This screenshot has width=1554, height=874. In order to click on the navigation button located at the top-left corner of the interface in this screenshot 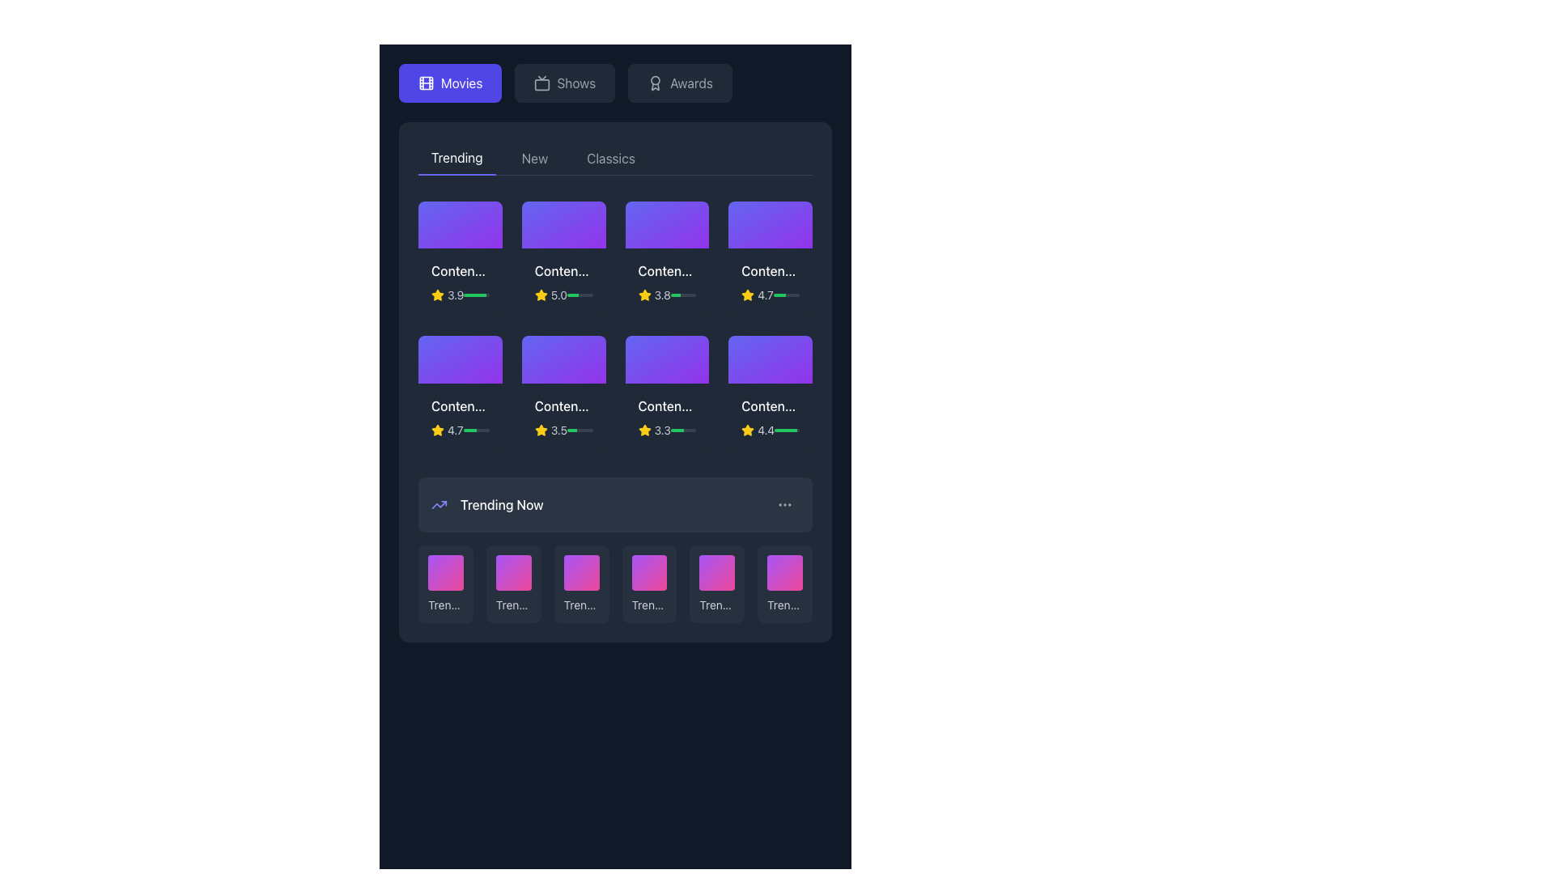, I will do `click(450, 83)`.